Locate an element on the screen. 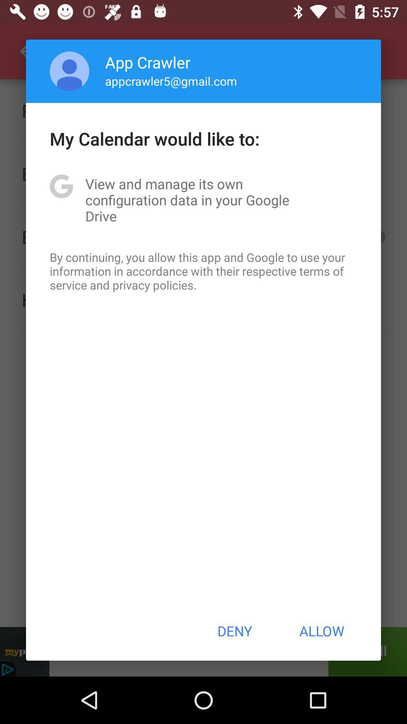  the icon below the my calendar would item is located at coordinates (203, 200).